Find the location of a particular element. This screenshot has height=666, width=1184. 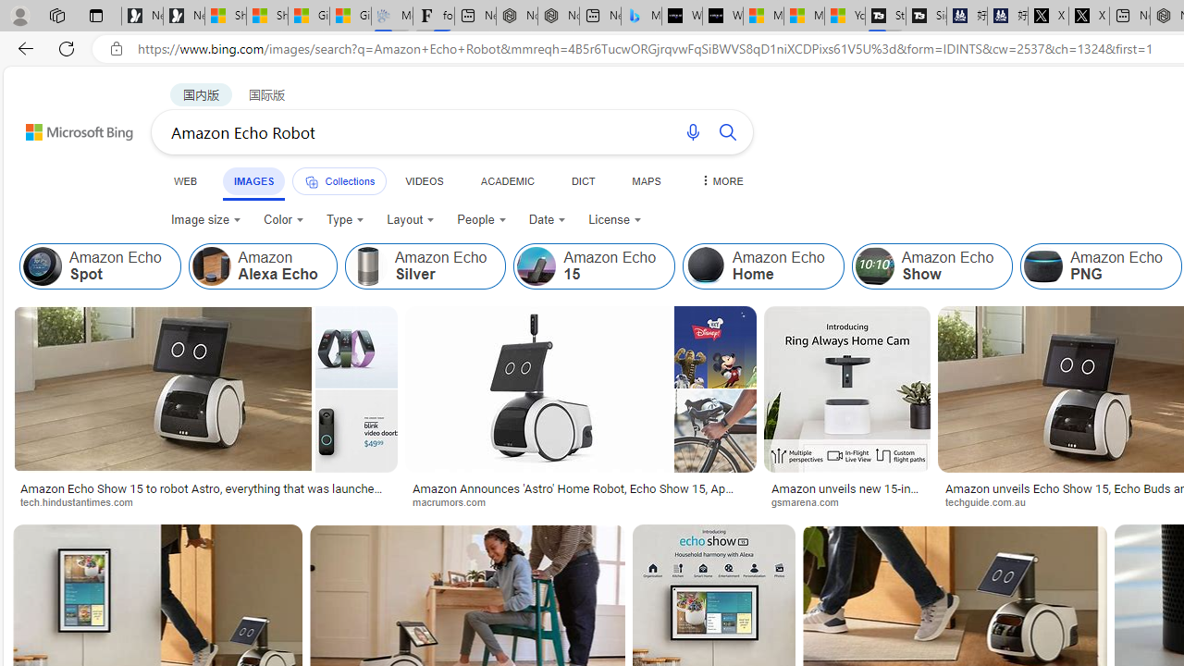

'ACADEMIC' is located at coordinates (507, 180).